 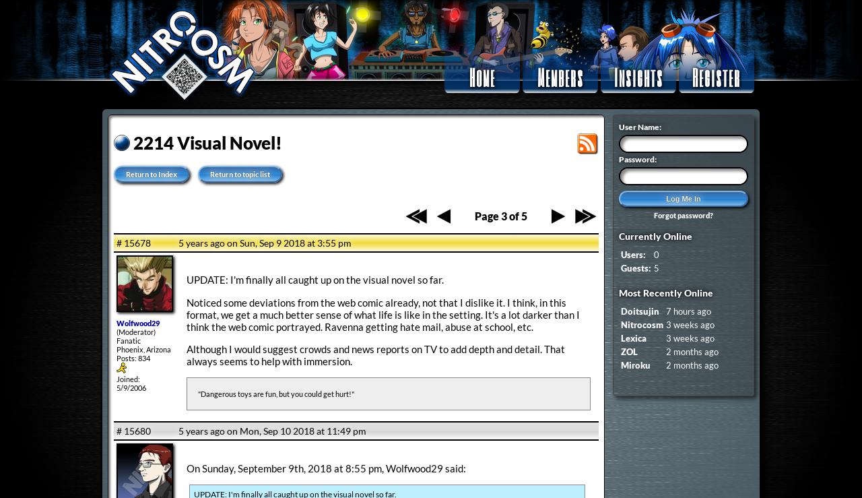 What do you see at coordinates (656, 254) in the screenshot?
I see `'0'` at bounding box center [656, 254].